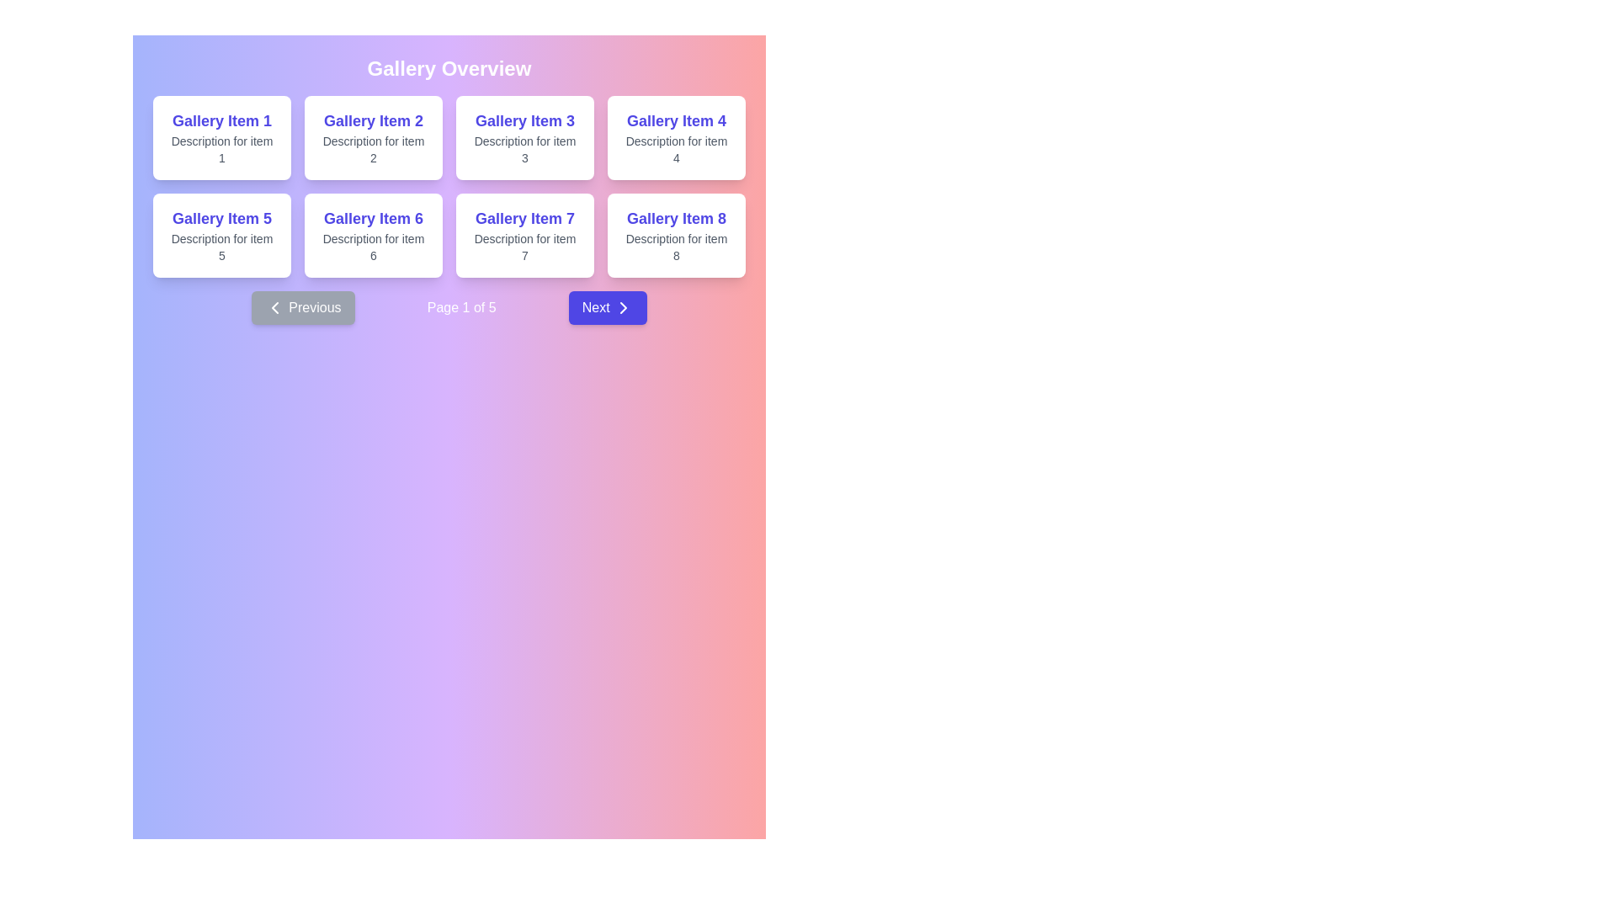 This screenshot has width=1616, height=909. I want to click on the static text label that serves as a title for the gallery item in the second row, first column of the 'Gallery Overview' section, so click(221, 217).